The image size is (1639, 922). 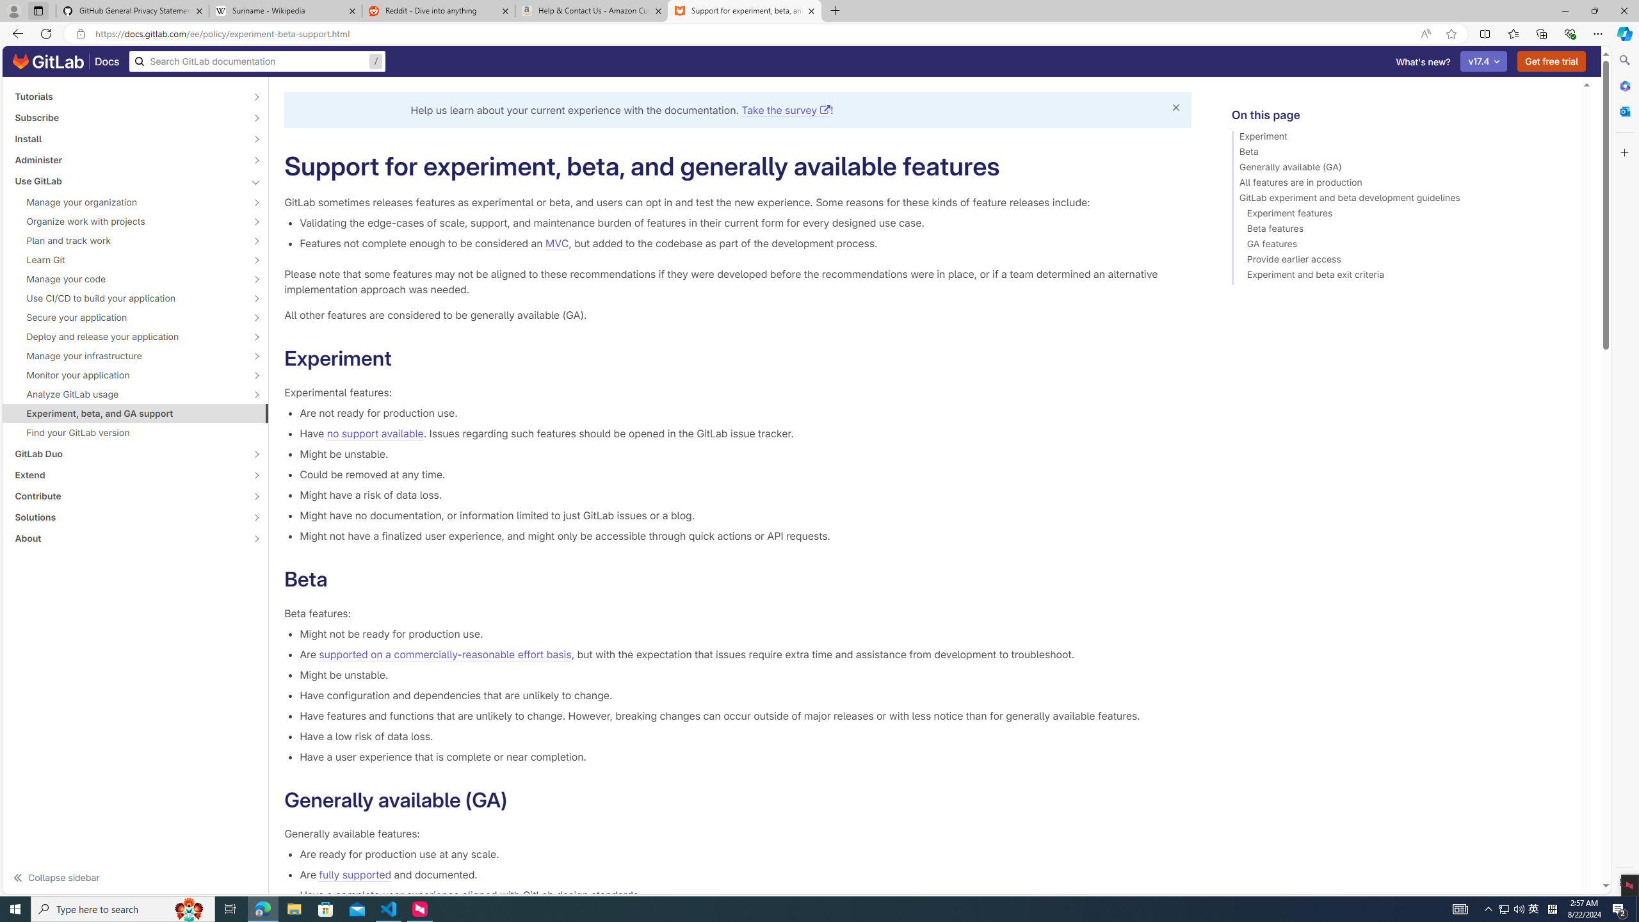 I want to click on 'v17.4', so click(x=1484, y=61).